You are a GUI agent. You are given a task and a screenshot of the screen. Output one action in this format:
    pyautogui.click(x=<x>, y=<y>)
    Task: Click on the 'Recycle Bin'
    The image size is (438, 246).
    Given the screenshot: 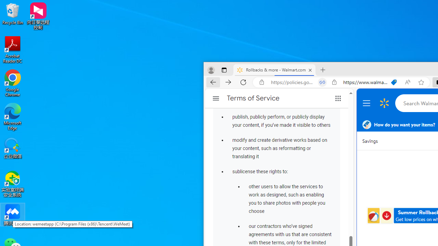 What is the action you would take?
    pyautogui.click(x=13, y=13)
    